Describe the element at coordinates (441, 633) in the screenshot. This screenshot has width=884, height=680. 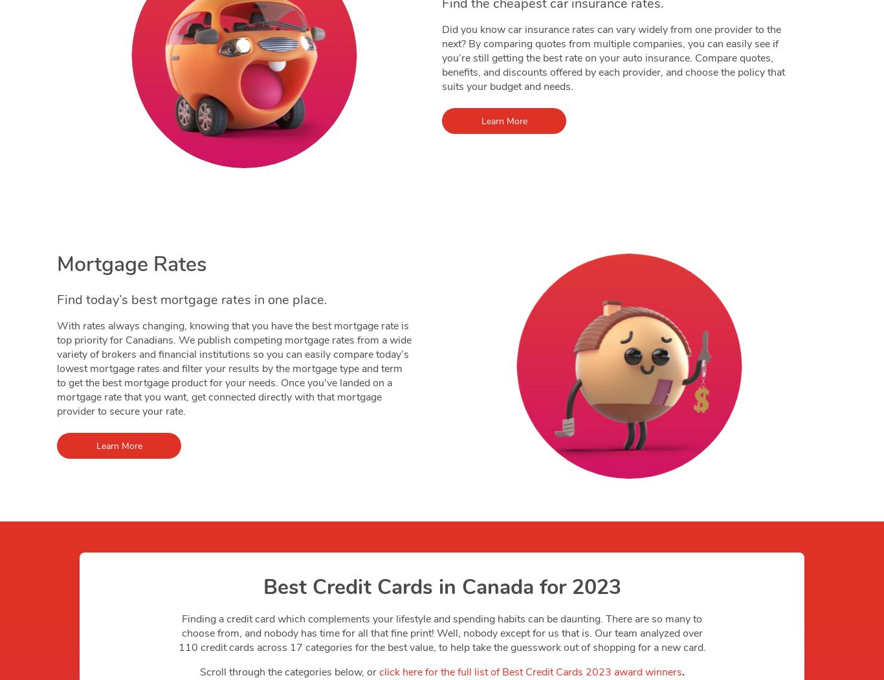
I see `'Finding a credit card which complements your lifestyle and spending habits can be daunting. There are so many to choose from, and nobody has time for all that fine print! Well, nobody except for us that is. Our team analyzed over 110 credit cards across 17 categories for the best value, to help take the guesswork out of shopping for a new card.'` at that location.